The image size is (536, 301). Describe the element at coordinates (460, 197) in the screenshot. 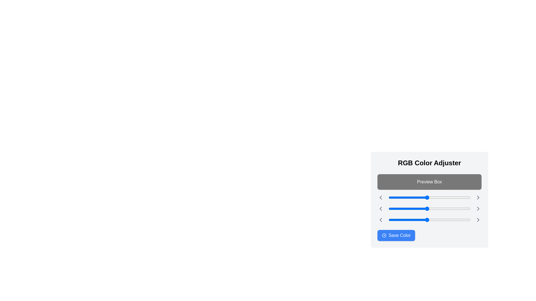

I see `the red color slider to 224 (0-255)` at that location.